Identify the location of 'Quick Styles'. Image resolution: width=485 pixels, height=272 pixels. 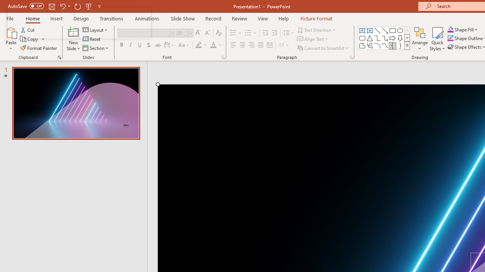
(437, 39).